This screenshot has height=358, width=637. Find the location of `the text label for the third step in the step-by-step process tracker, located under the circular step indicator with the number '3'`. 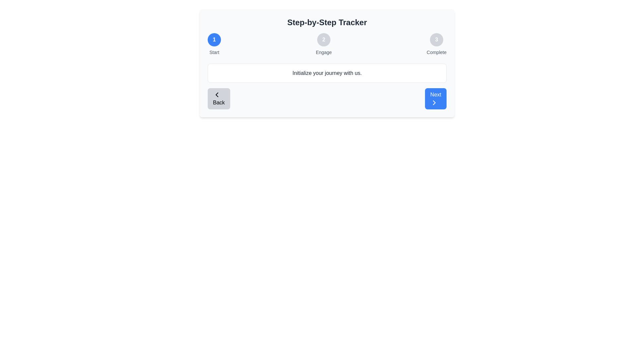

the text label for the third step in the step-by-step process tracker, located under the circular step indicator with the number '3' is located at coordinates (436, 52).